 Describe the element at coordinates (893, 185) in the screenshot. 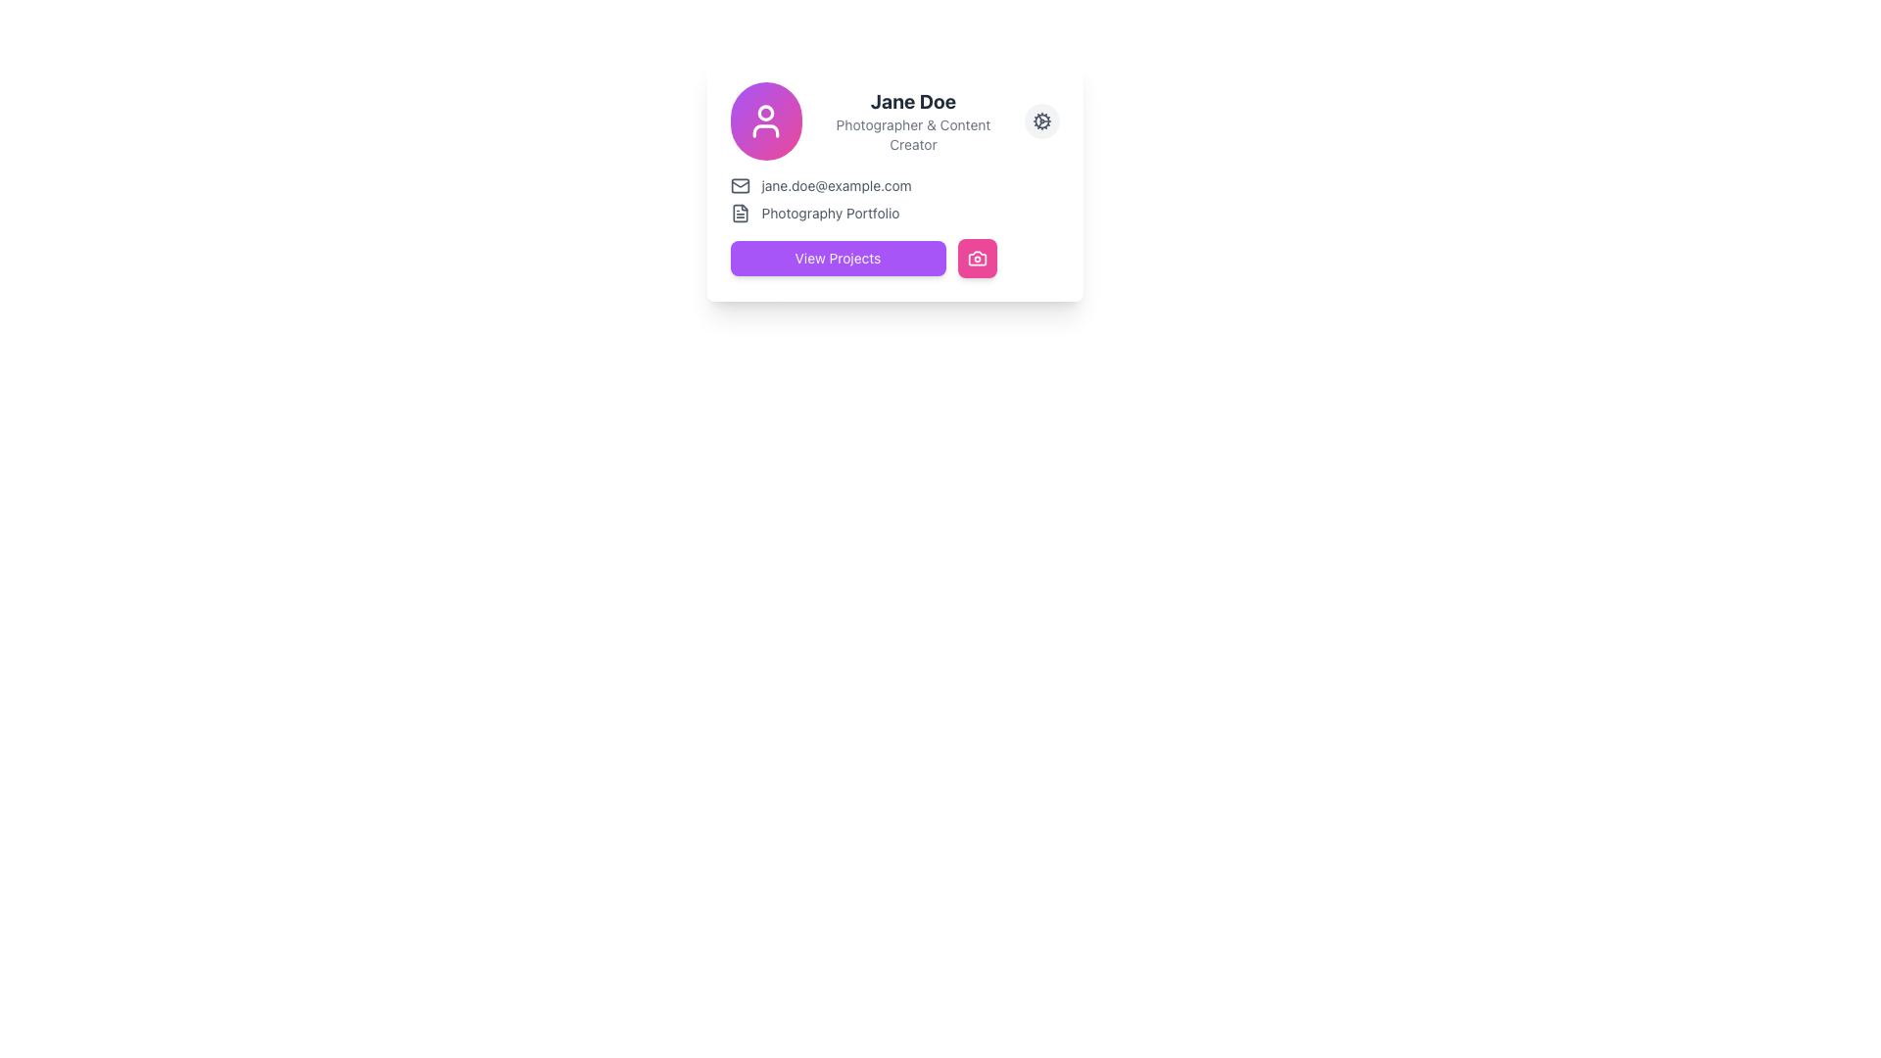

I see `the email display text element, which is the first item under the 'Jane Doe' header and above the 'Photography Portfolio' text block` at that location.